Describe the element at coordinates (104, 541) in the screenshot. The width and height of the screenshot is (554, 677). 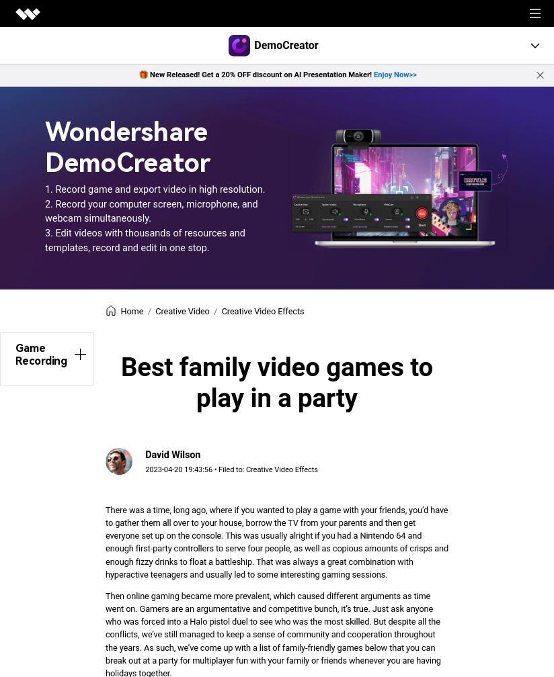
I see `'There was a time, long ago, where if you wanted to play a game with your friends, you’d have to gather them all over to your house, borrow the TV from your parents and then get everyone set up on the console. This was usually alright if you had a Nintendo 64 and enough first-party controllers to serve four people, as well as copious amounts of crisps and enough fizzy drinks to float a battleship. That was always a great combination with hyperactive teenagers and usually led to some interesting gaming sessions.'` at that location.